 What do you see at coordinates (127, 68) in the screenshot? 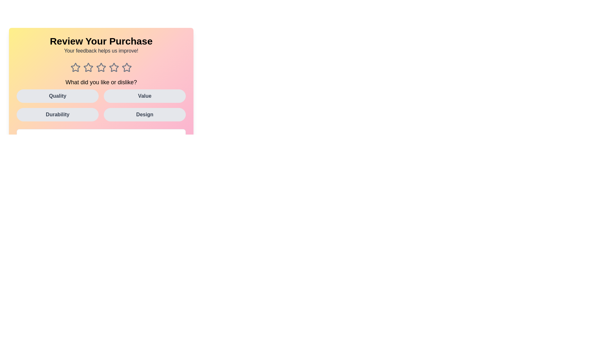
I see `the fifth star icon in the review section` at bounding box center [127, 68].